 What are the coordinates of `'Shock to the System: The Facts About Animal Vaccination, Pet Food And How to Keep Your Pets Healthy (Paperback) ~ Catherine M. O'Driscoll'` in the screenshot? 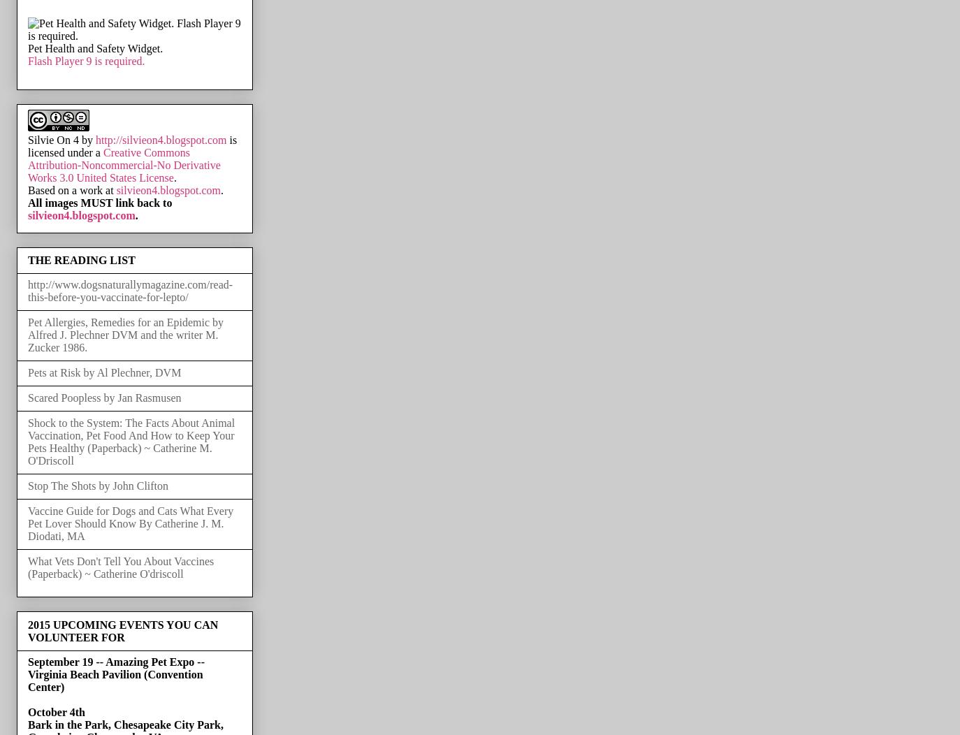 It's located at (130, 442).